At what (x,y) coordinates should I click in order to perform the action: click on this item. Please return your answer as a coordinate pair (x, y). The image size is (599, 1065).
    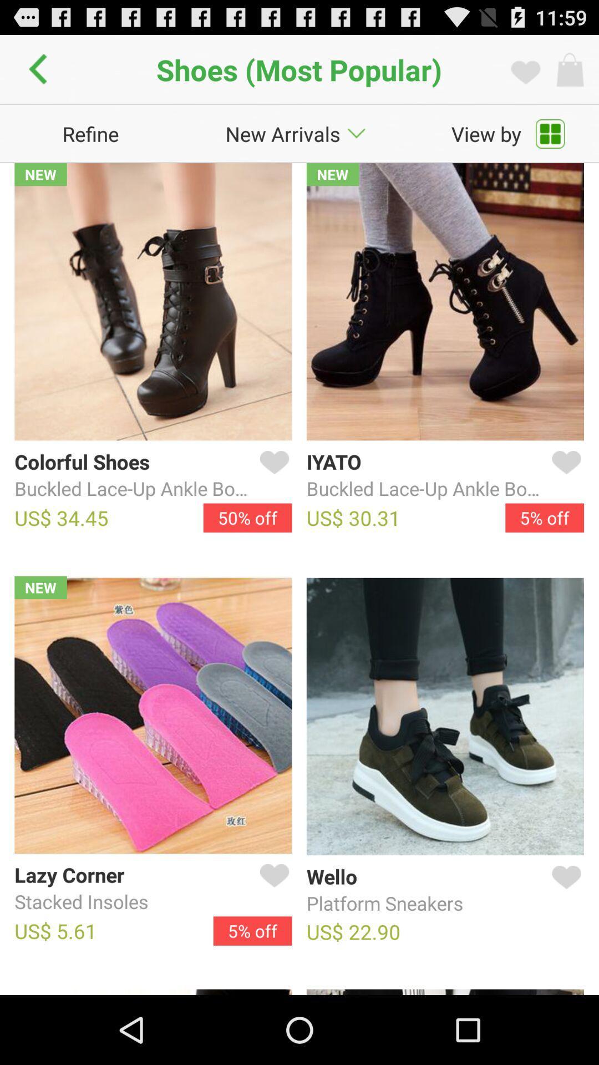
    Looking at the image, I should click on (564, 475).